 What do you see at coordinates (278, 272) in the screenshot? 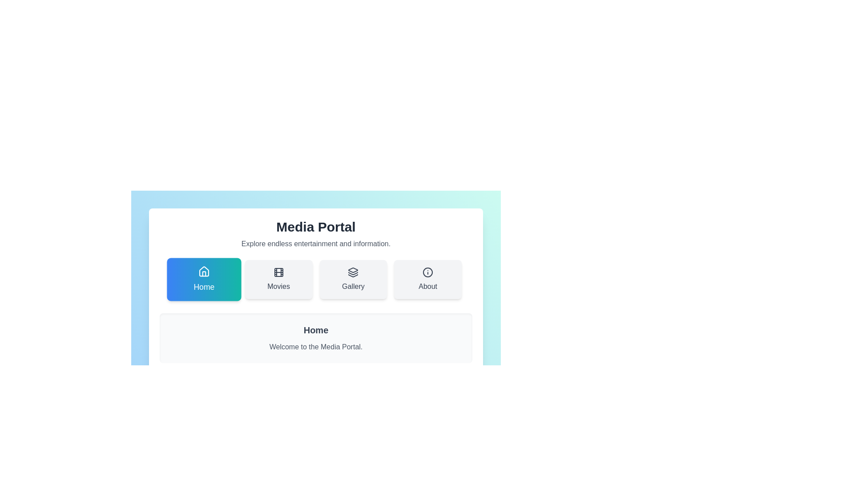
I see `the 'Movies' button by clicking on the film strip icon located at the center-top of the button to trigger navigation or action` at bounding box center [278, 272].